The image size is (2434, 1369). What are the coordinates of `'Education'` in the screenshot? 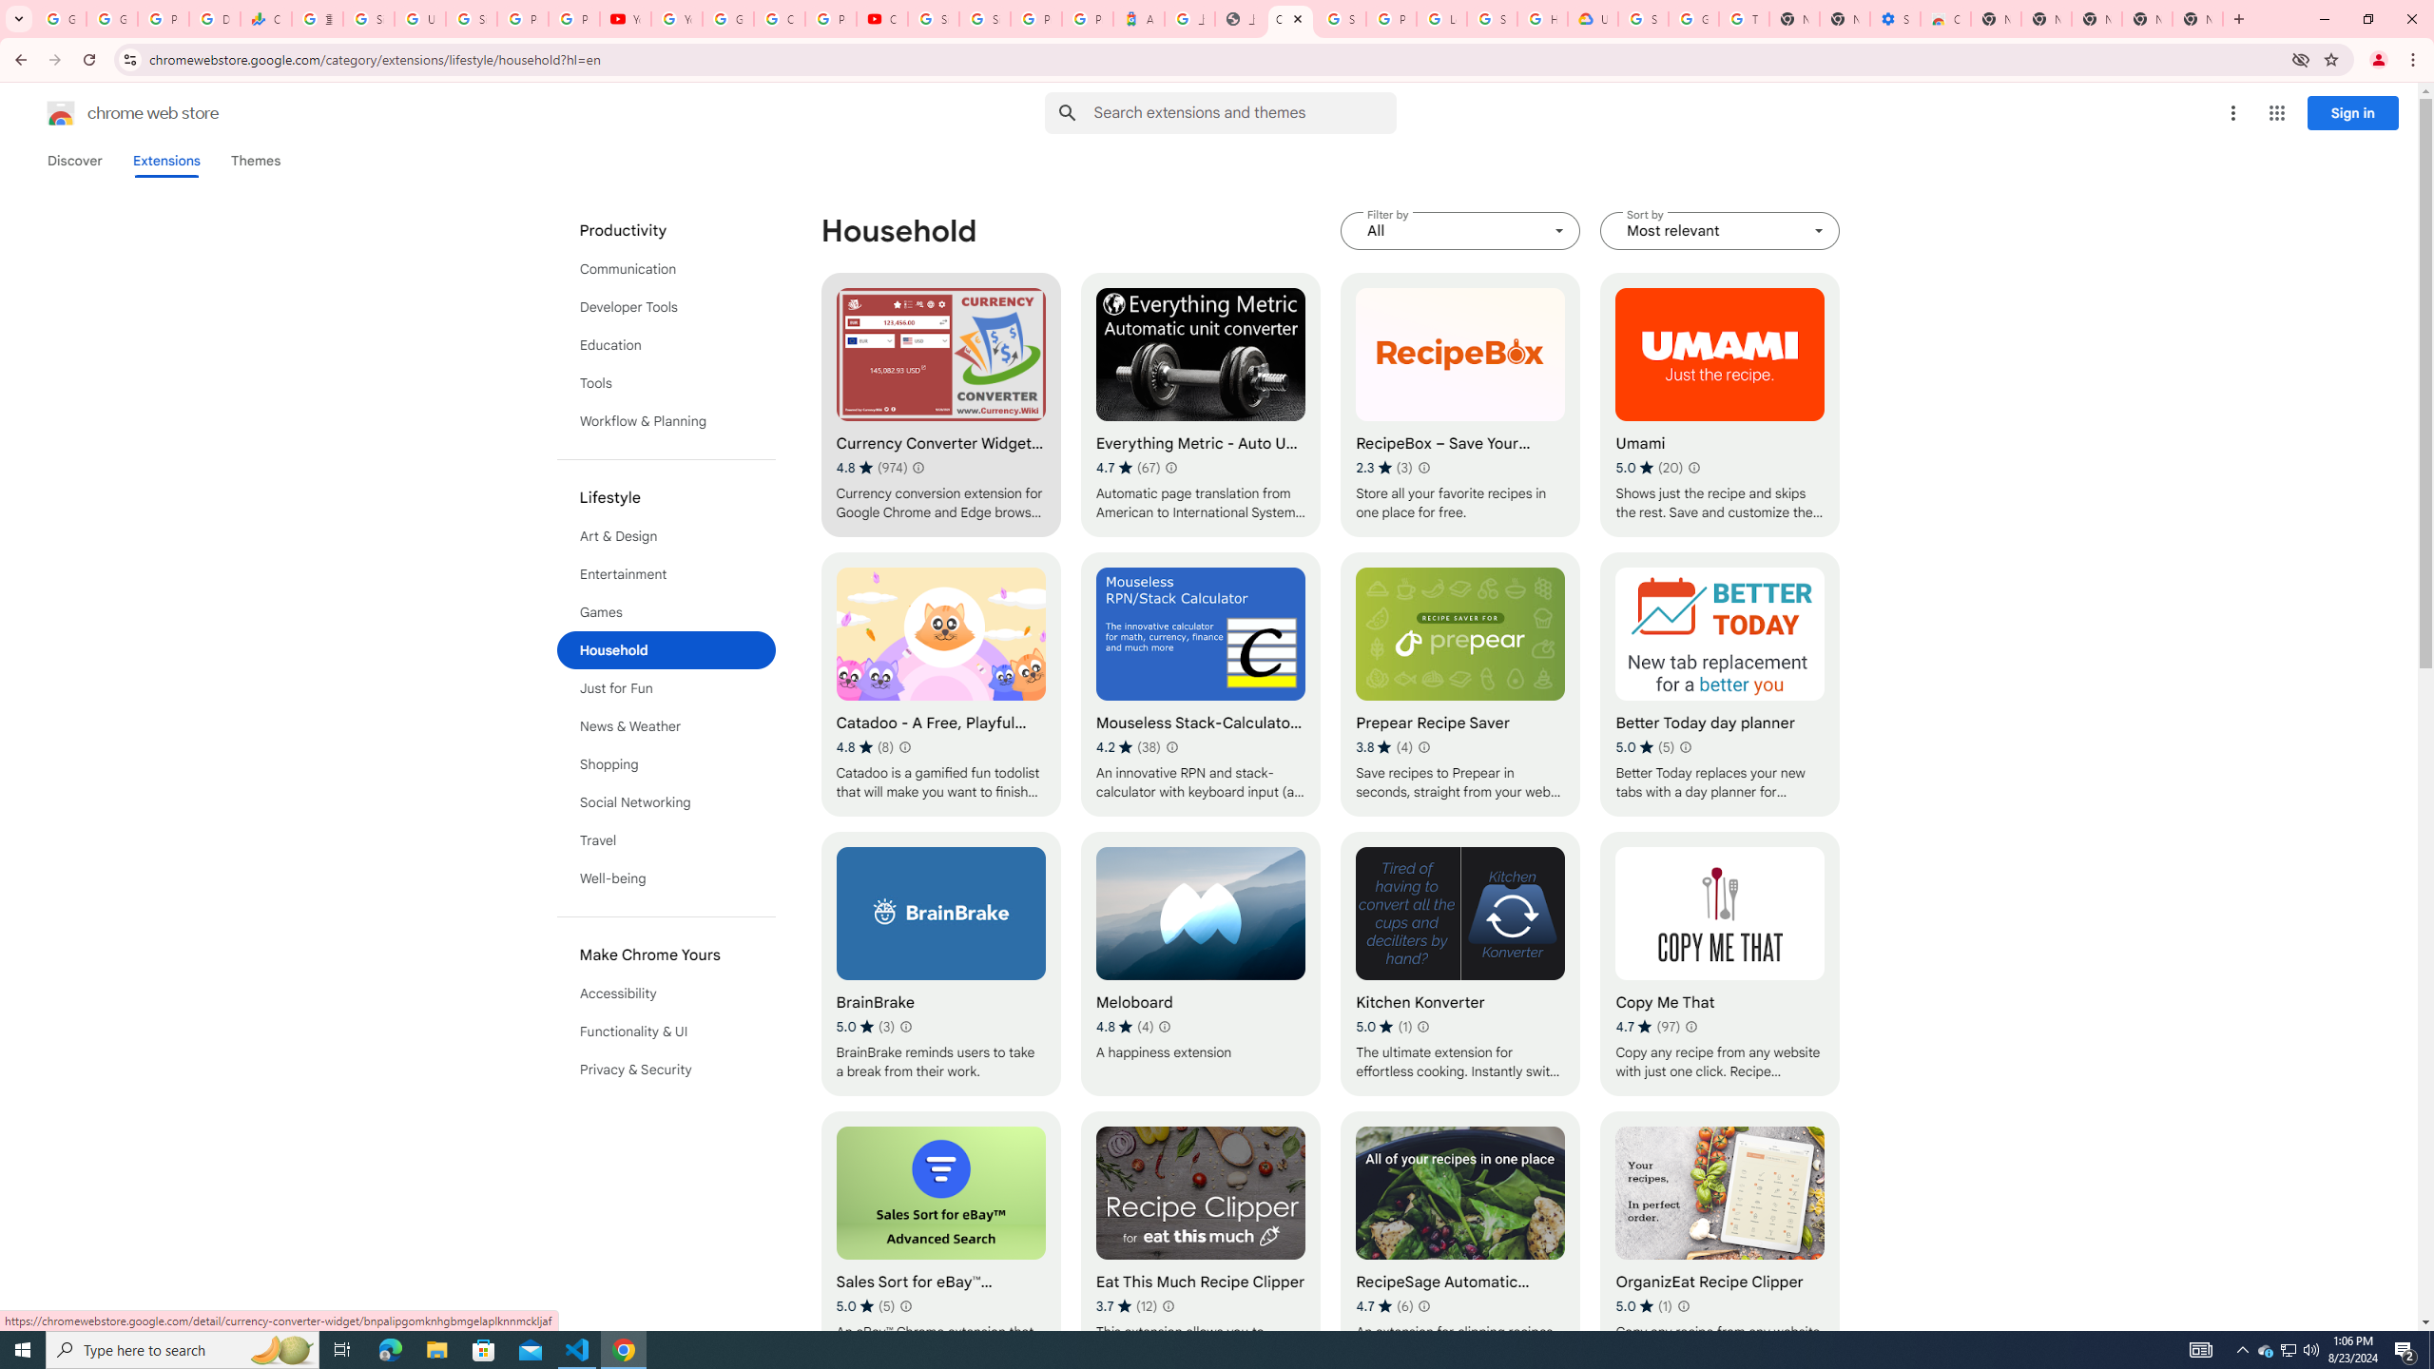 It's located at (666, 343).